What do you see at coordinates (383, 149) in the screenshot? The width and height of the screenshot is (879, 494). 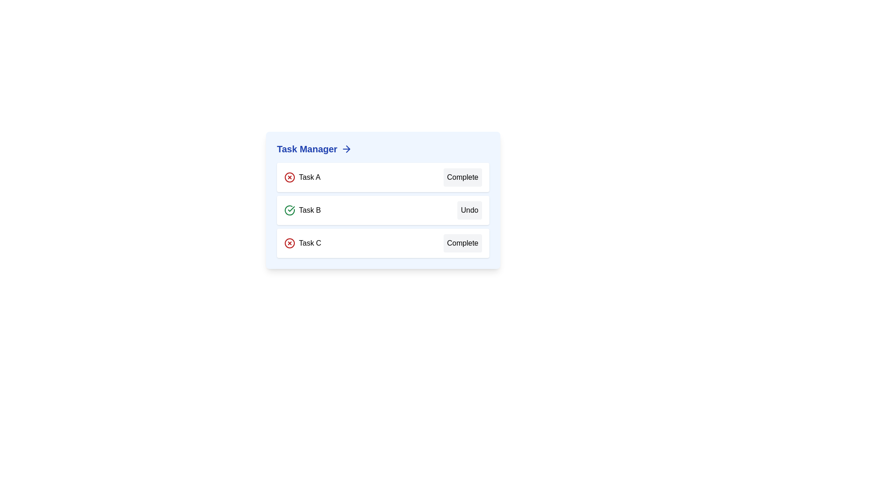 I see `the heading text and icon to emphasize it visually` at bounding box center [383, 149].